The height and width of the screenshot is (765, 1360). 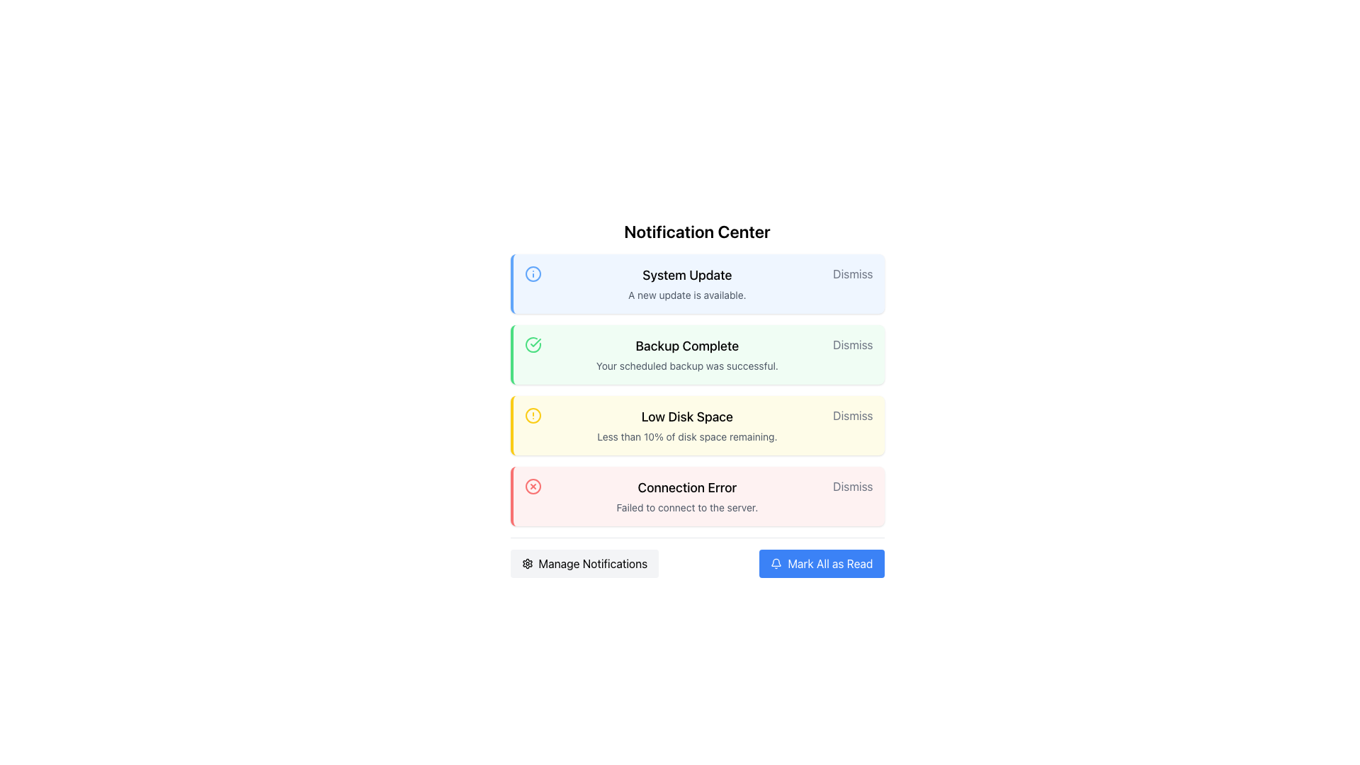 What do you see at coordinates (852, 273) in the screenshot?
I see `the close button located at the top-right corner of the 'System Update' notification card` at bounding box center [852, 273].